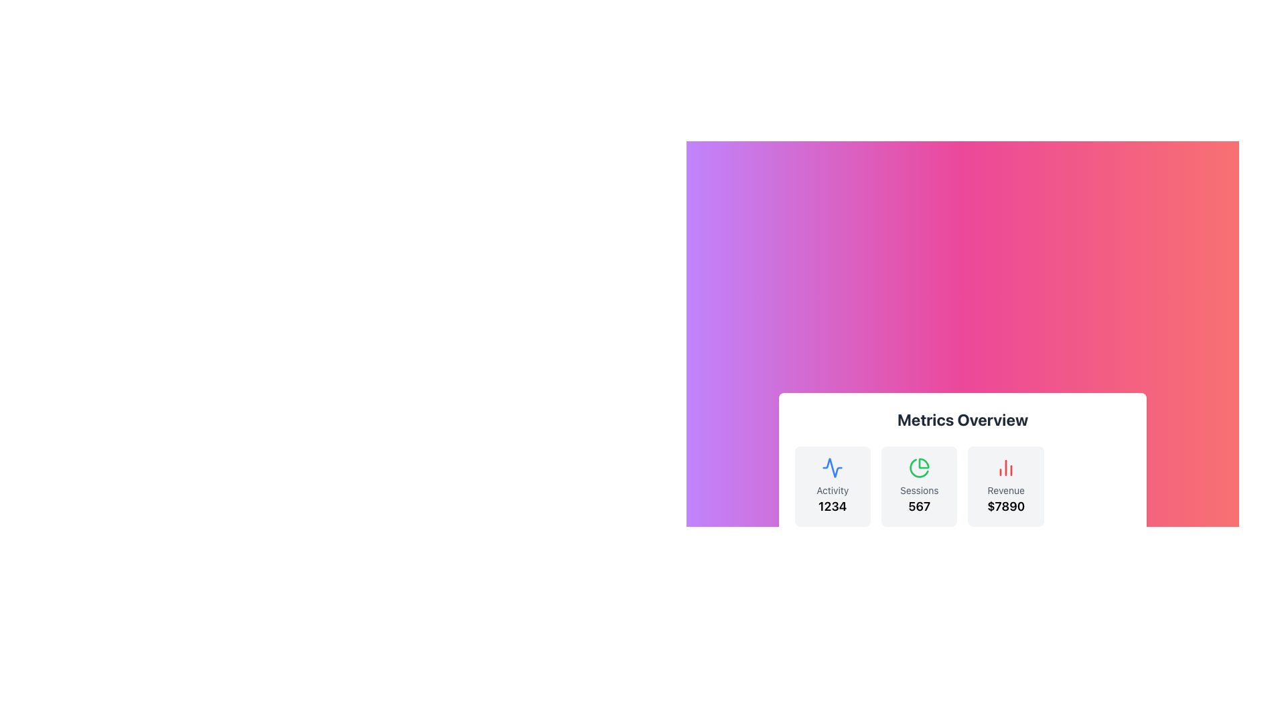 Image resolution: width=1286 pixels, height=723 pixels. I want to click on the 'Sessions' text label which provides a descriptive label for the metric displayed beneath it, located in a card-like component above the numerical text '567', so click(918, 490).